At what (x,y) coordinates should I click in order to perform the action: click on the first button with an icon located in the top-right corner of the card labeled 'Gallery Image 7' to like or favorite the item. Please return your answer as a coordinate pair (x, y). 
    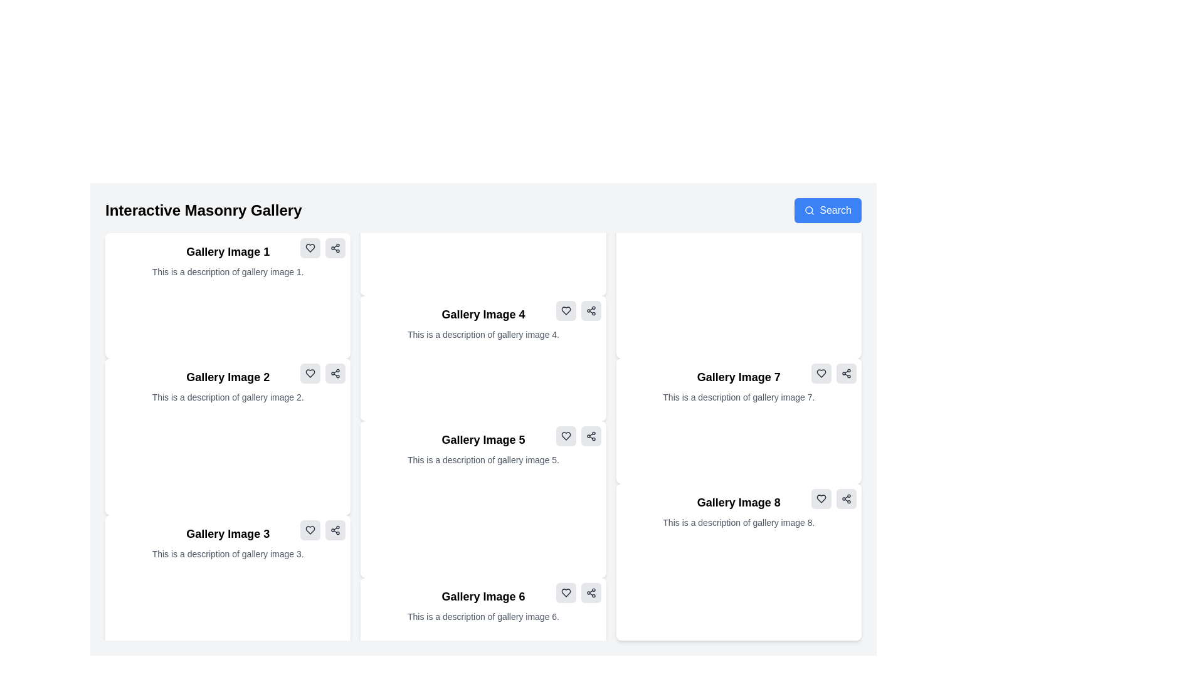
    Looking at the image, I should click on (821, 373).